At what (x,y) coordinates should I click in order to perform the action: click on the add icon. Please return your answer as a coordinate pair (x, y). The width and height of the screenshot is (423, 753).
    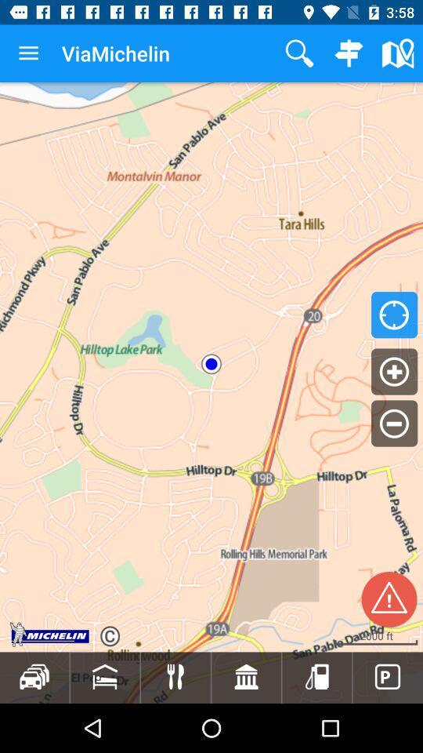
    Looking at the image, I should click on (393, 371).